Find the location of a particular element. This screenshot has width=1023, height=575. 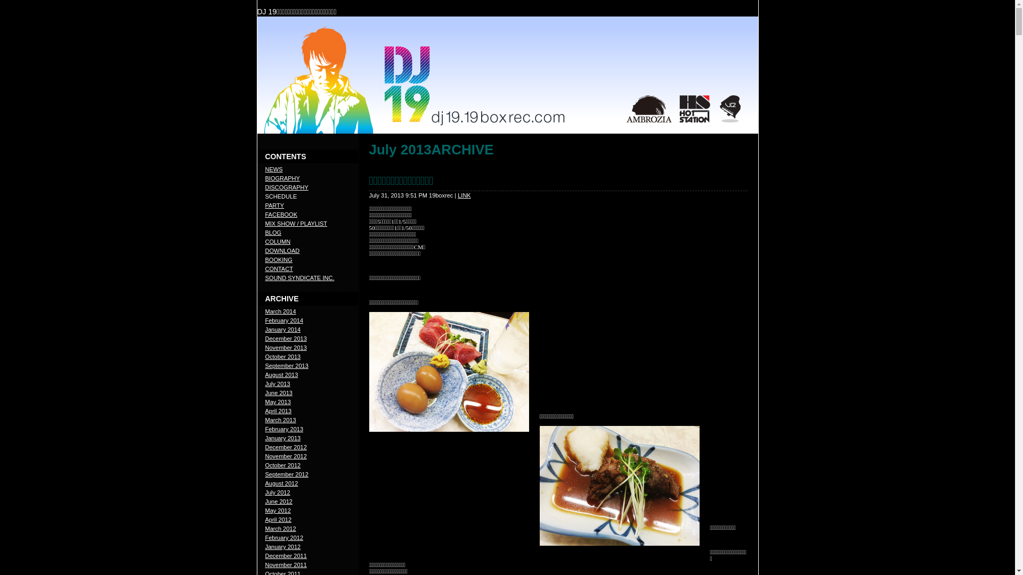

'DOWNLOAD' is located at coordinates (282, 250).